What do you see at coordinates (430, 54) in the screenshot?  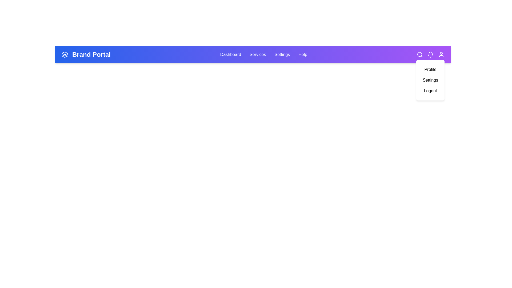 I see `the bell icon in the top-right corner of the header bar` at bounding box center [430, 54].